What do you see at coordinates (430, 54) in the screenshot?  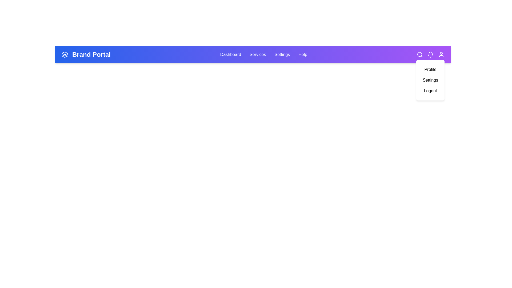 I see `the bell icon in the top-right corner of the header bar` at bounding box center [430, 54].